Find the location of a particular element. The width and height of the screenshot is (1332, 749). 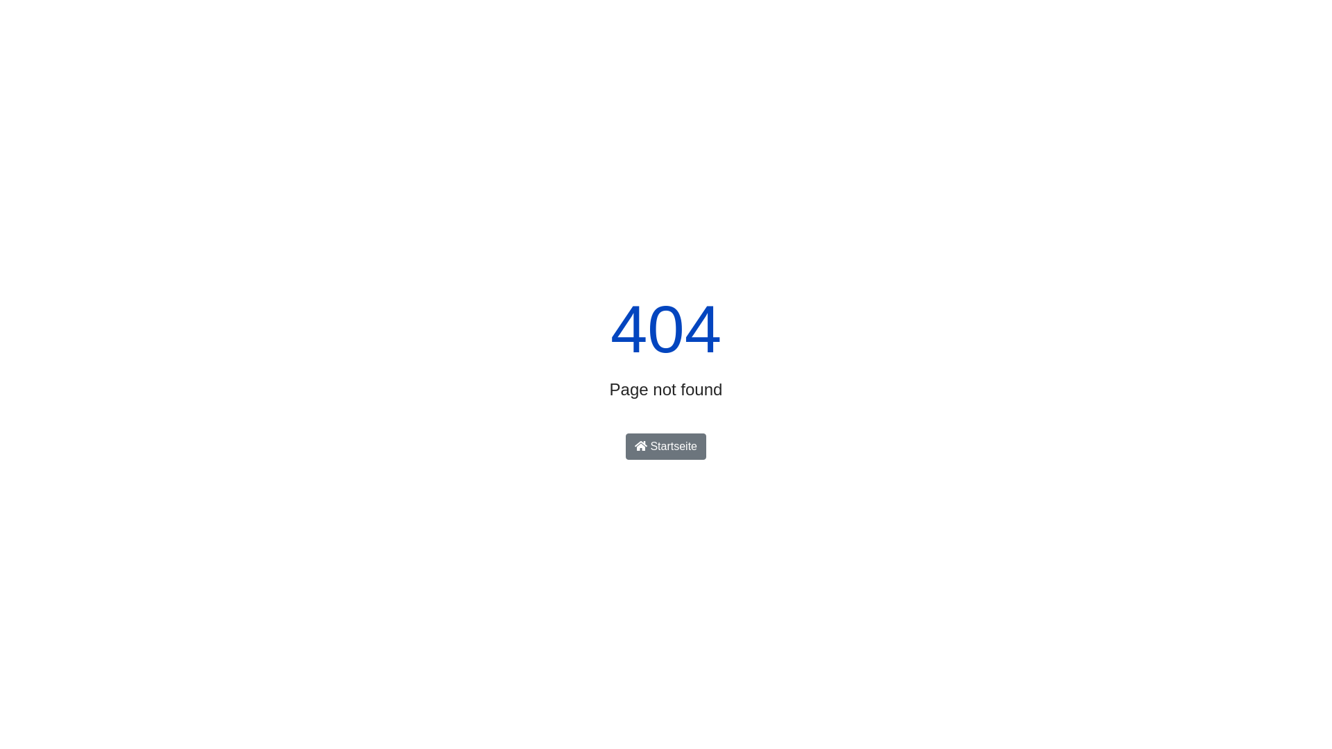

'Startseite' is located at coordinates (666, 447).